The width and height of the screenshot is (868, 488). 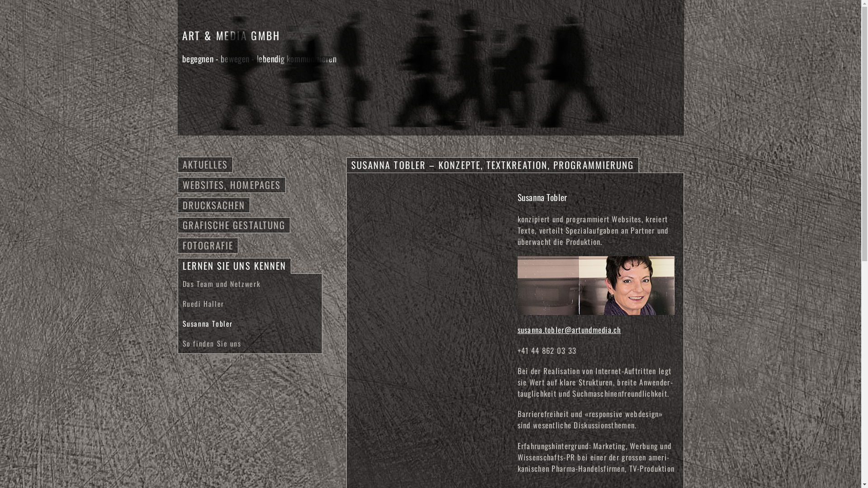 What do you see at coordinates (234, 224) in the screenshot?
I see `'GRAFISCHE GESTALTUNG'` at bounding box center [234, 224].